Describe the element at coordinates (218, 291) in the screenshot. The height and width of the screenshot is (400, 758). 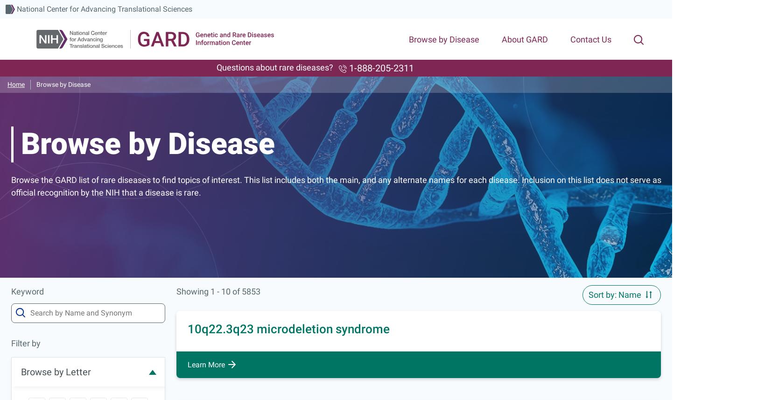
I see `'Showing 1 - 10 of 5853'` at that location.